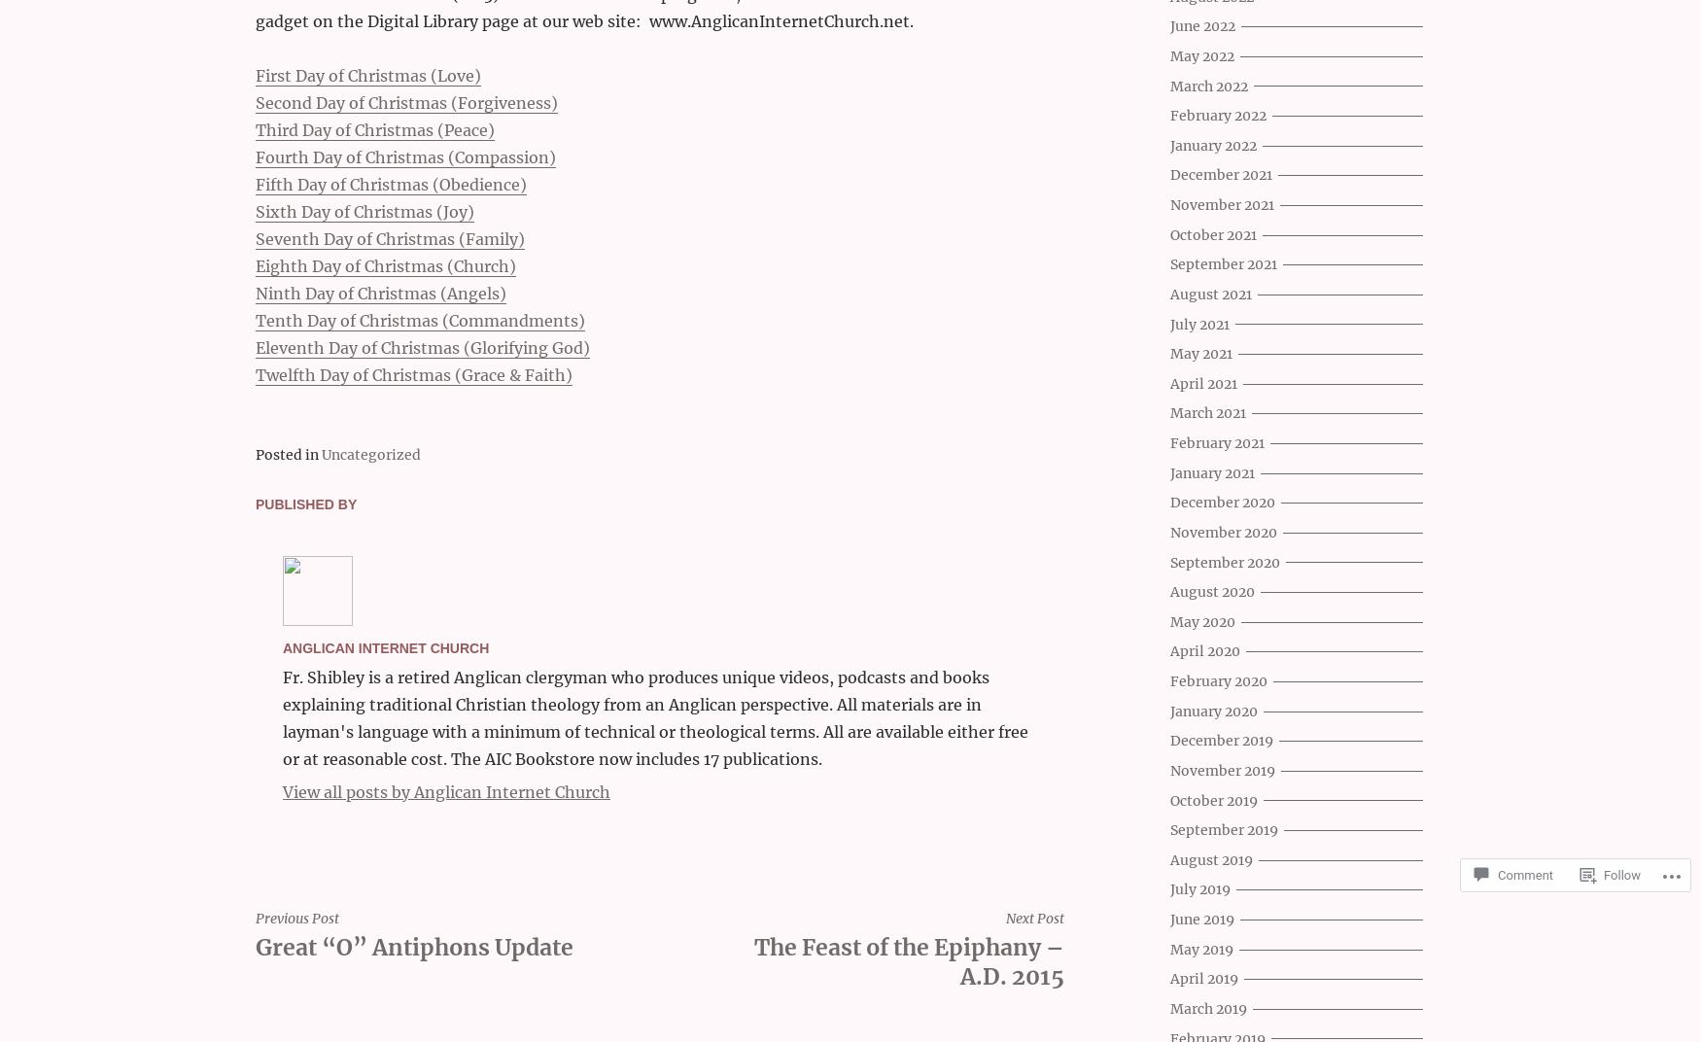  Describe the element at coordinates (287, 452) in the screenshot. I see `'Posted in'` at that location.